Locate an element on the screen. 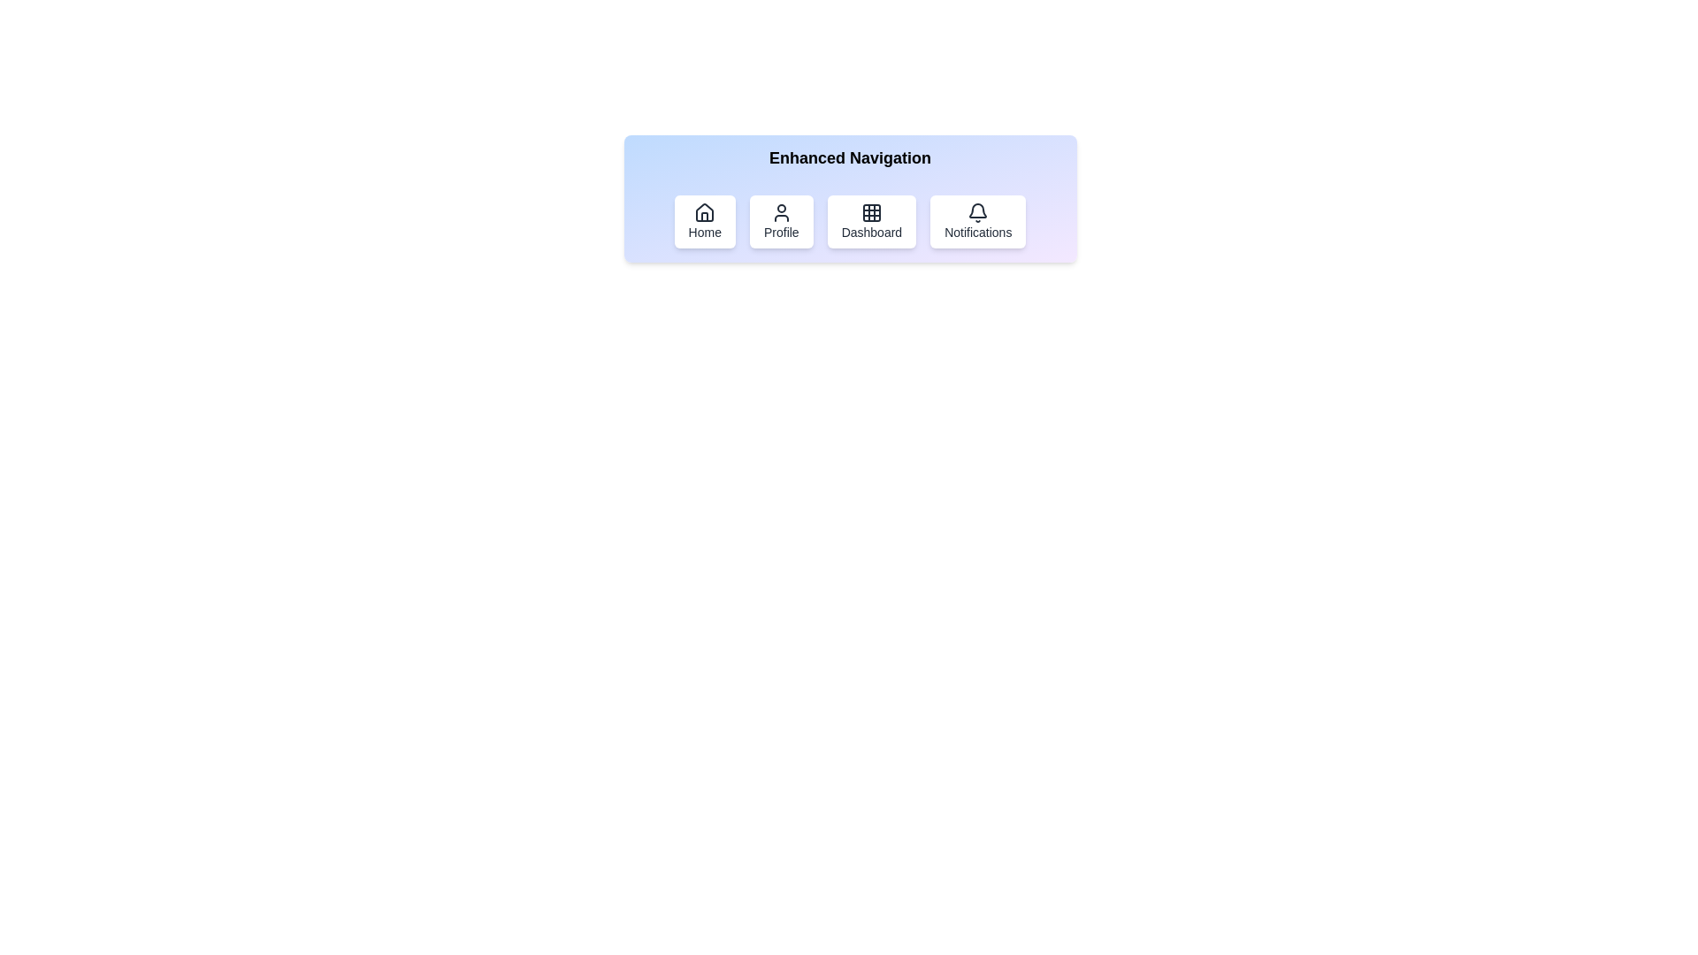  the text label indicating the notifications section, which is located below the bell icon in the navigation bar is located at coordinates (977, 231).